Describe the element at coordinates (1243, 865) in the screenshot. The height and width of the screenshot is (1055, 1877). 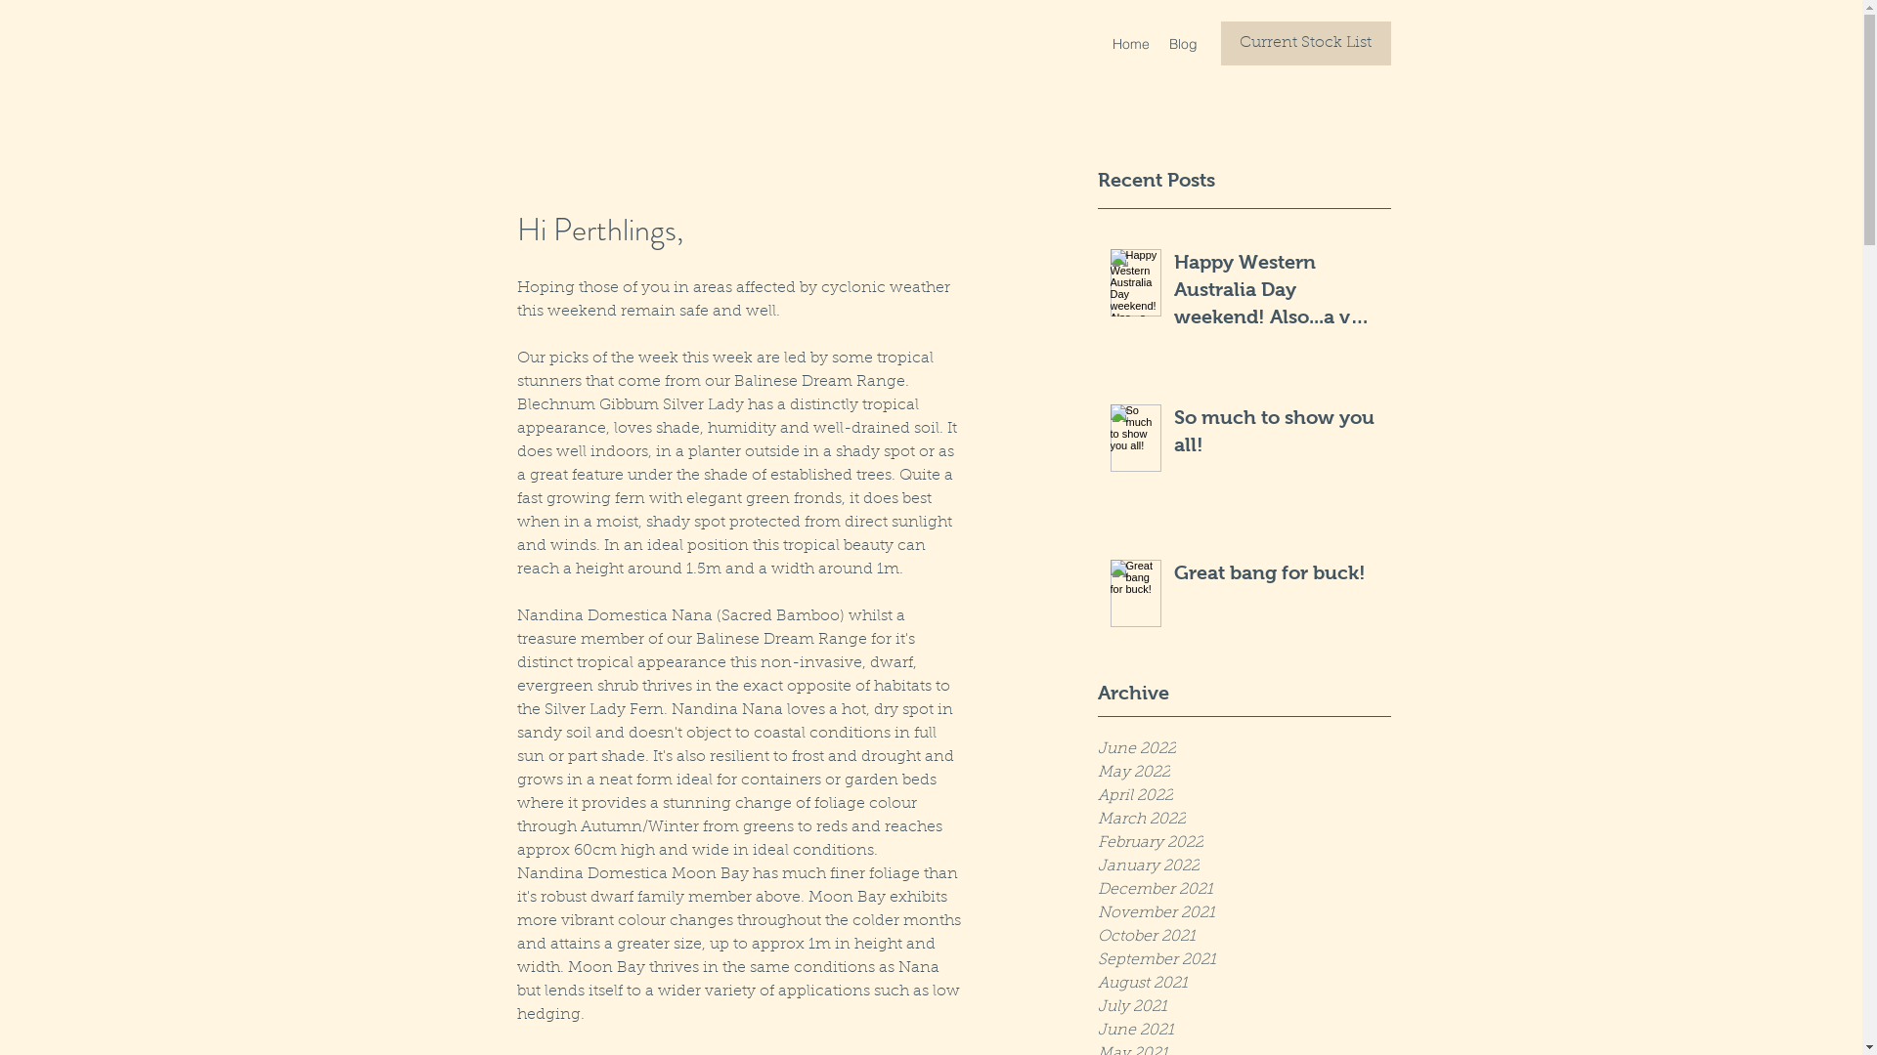
I see `'January 2022'` at that location.